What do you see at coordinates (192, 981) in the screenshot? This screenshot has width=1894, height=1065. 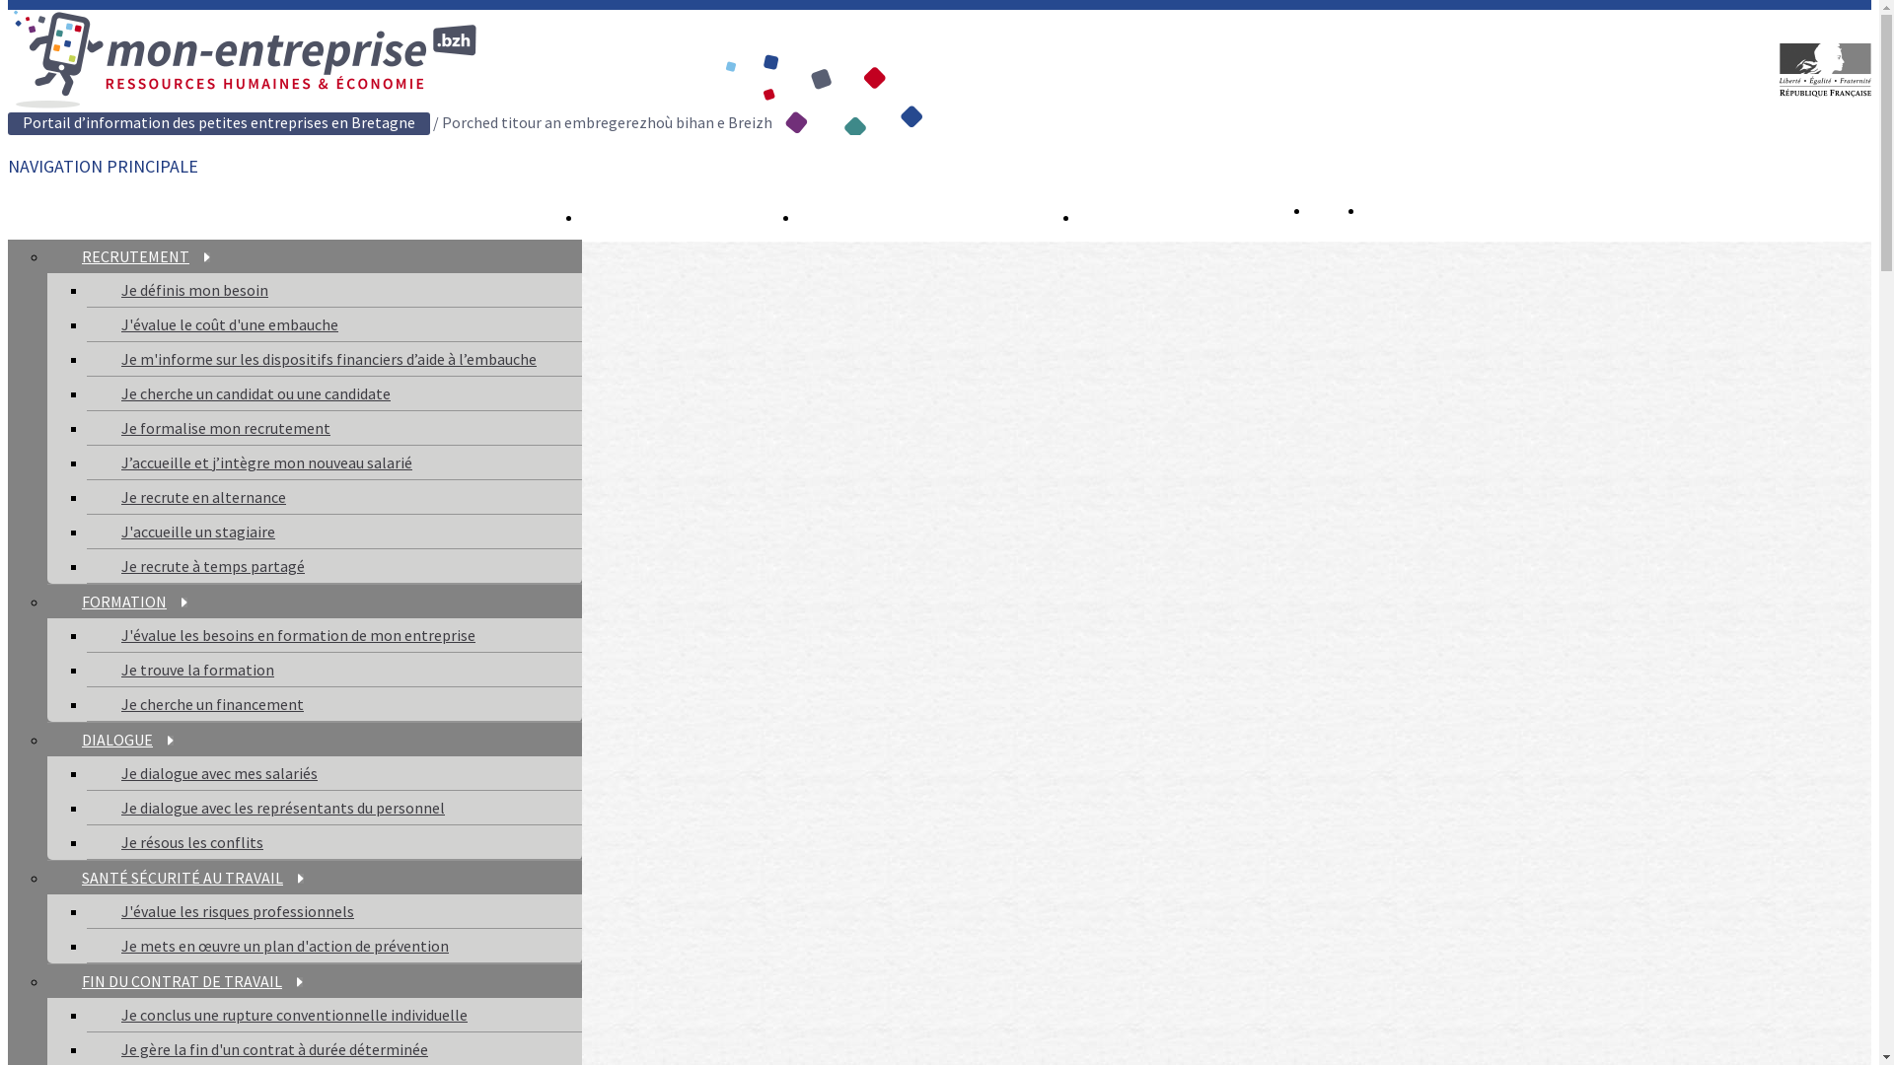 I see `'FIN DU CONTRAT DE TRAVAIL'` at bounding box center [192, 981].